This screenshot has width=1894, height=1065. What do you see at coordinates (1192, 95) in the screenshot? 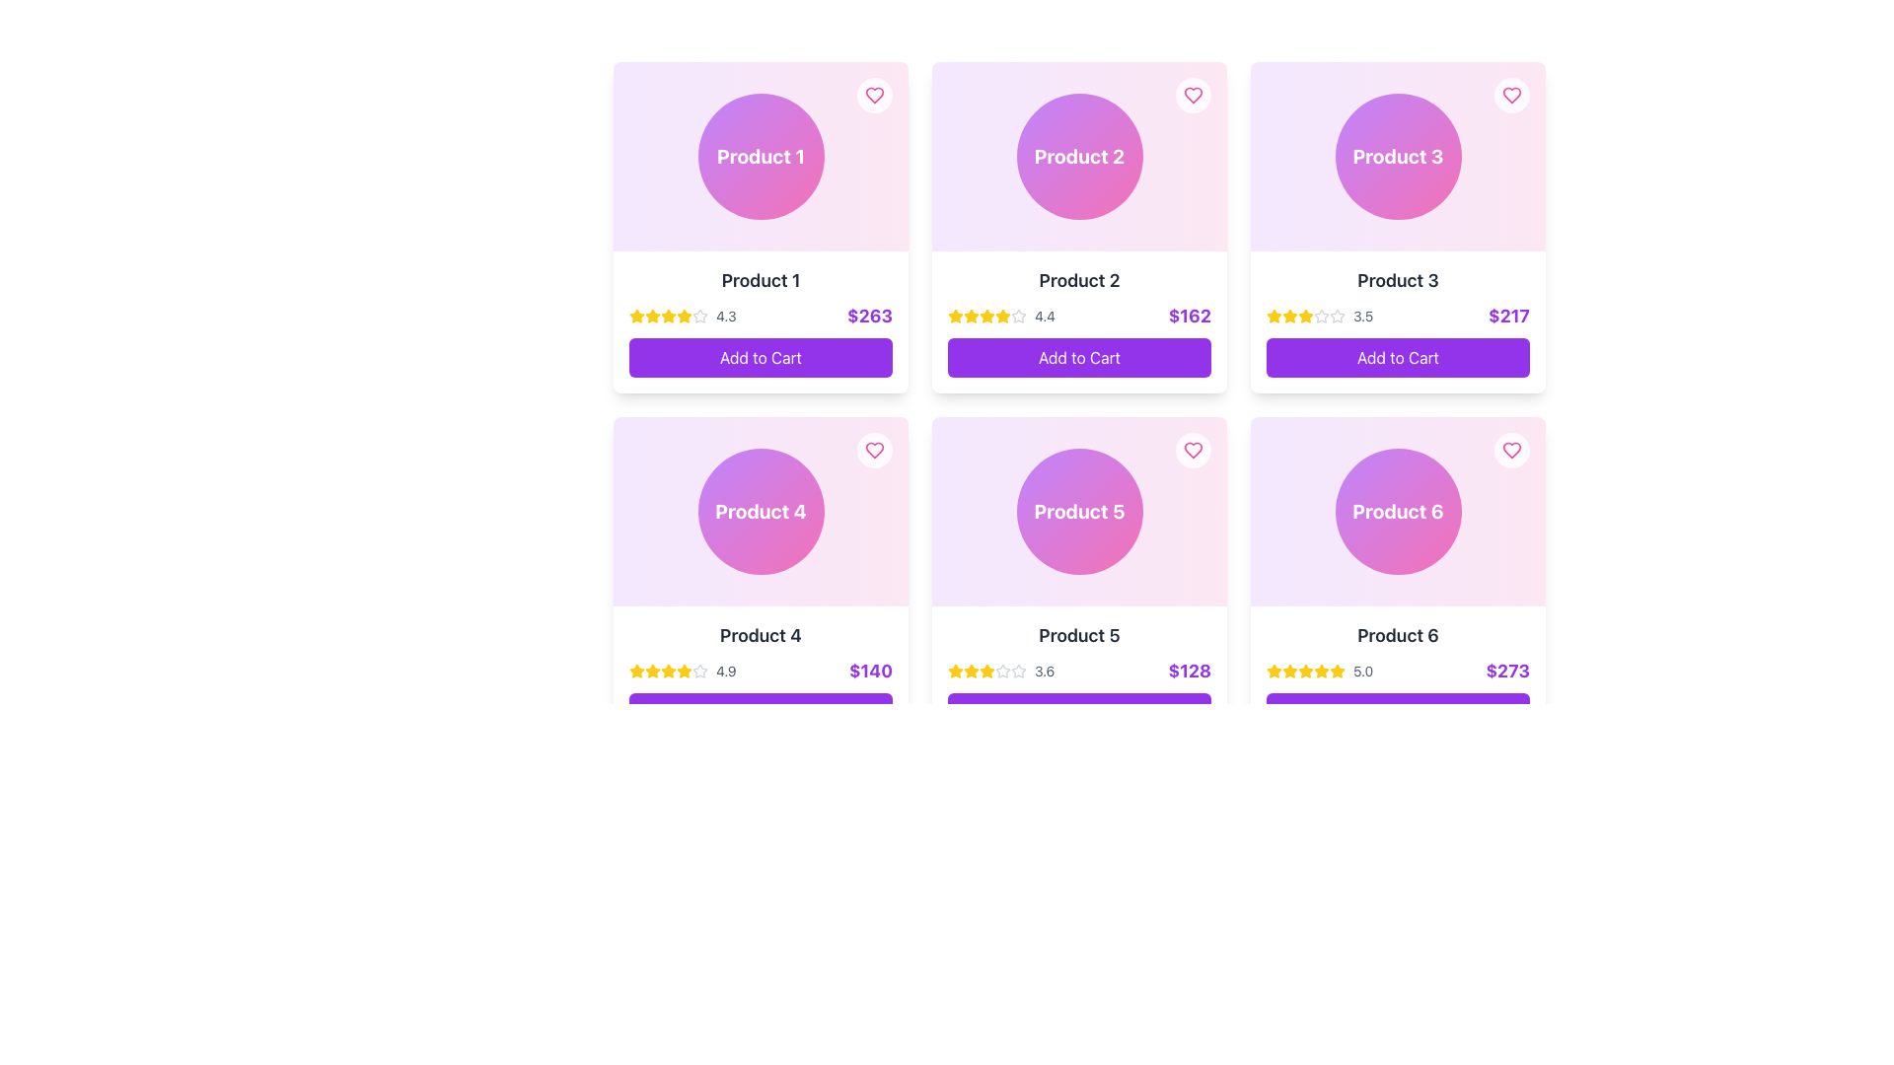
I see `the button in the top-right corner of the 'Product 2' card to observe potential hover effects` at bounding box center [1192, 95].